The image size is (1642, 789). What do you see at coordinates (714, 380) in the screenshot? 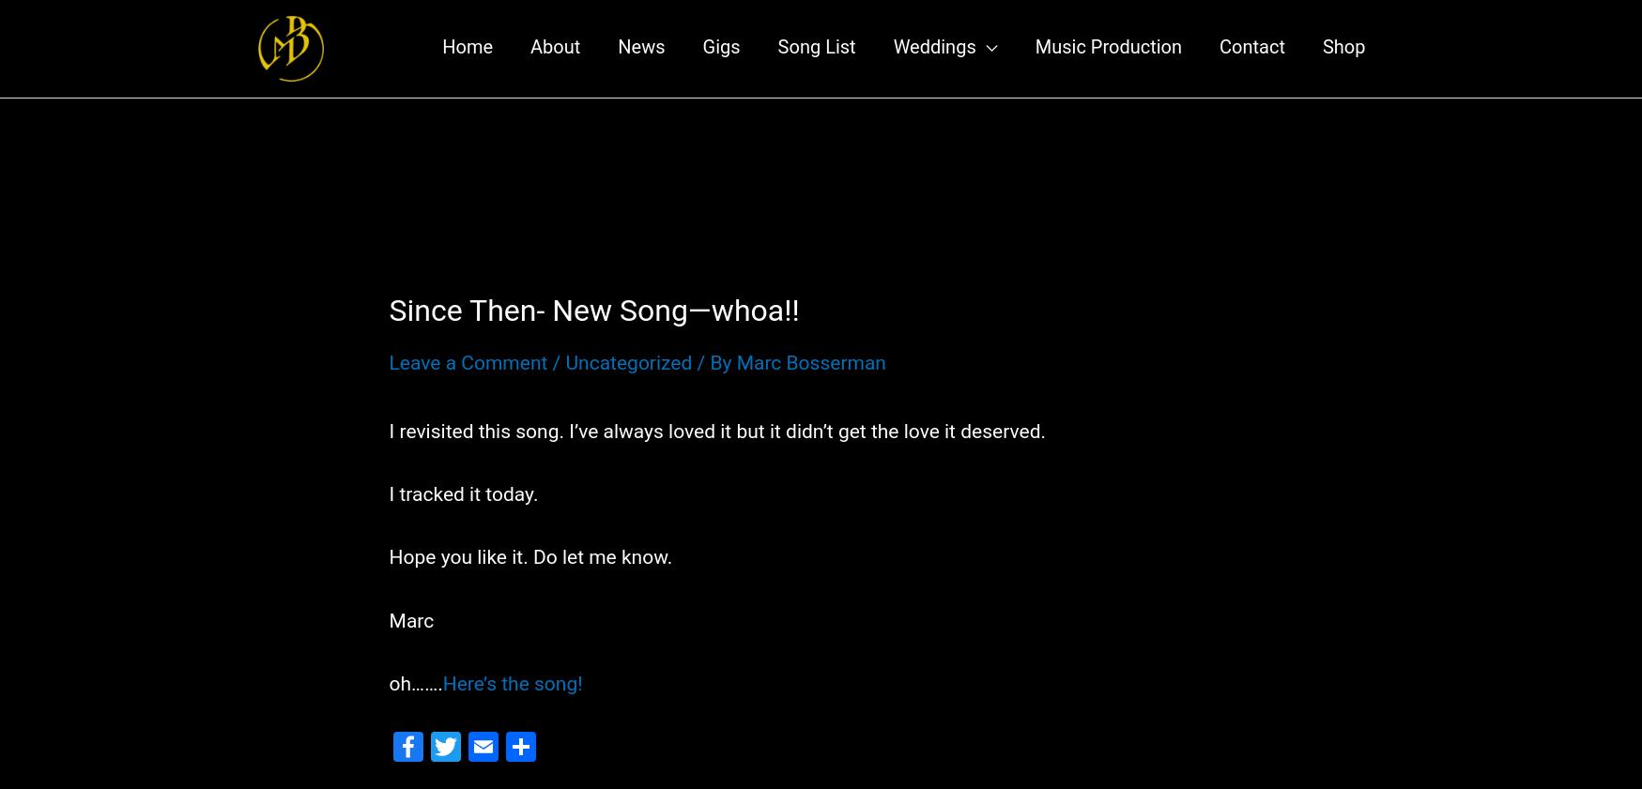
I see `'/ By'` at bounding box center [714, 380].